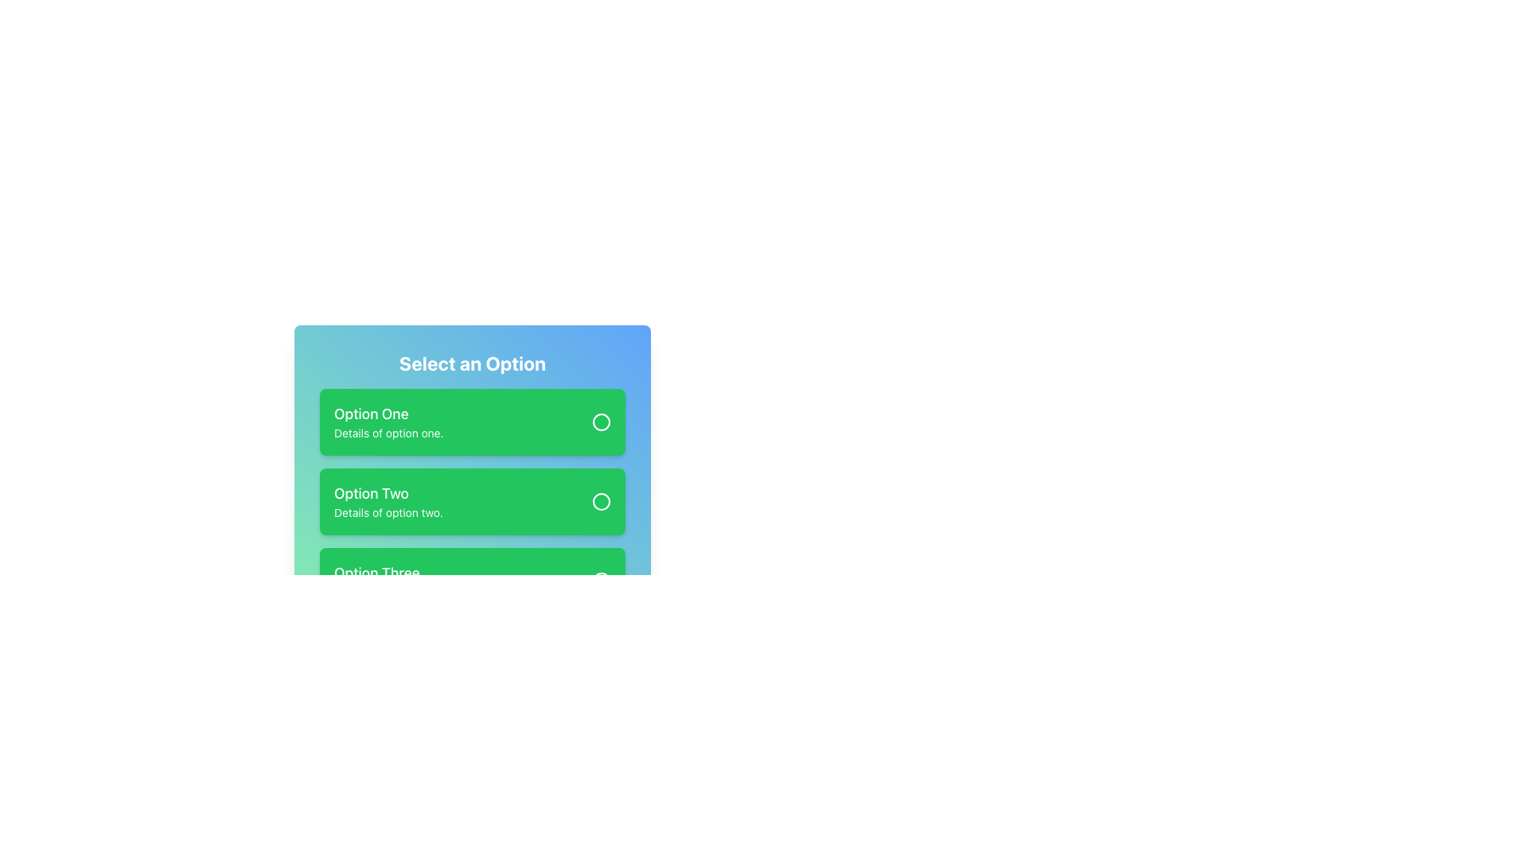 This screenshot has height=859, width=1528. What do you see at coordinates (388, 502) in the screenshot?
I see `on the second selectable option in the list labeled 'Option Two'` at bounding box center [388, 502].